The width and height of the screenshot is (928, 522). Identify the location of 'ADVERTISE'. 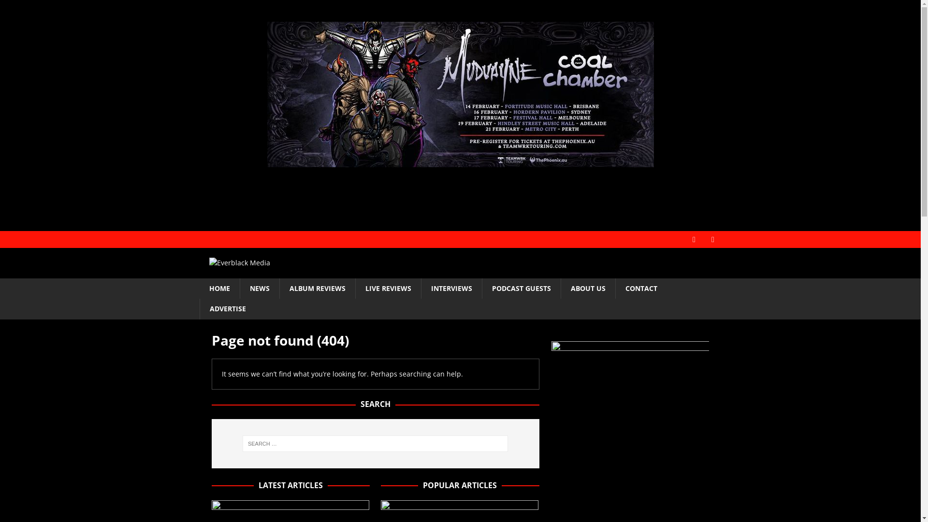
(199, 309).